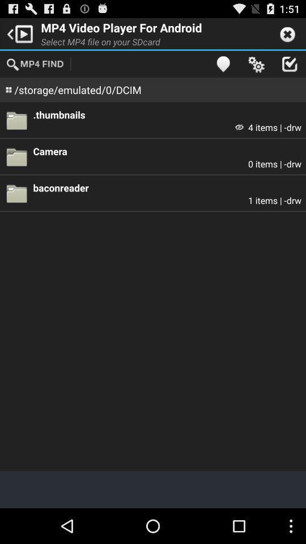 The image size is (306, 544). Describe the element at coordinates (223, 63) in the screenshot. I see `app next to the select mp4 file item` at that location.